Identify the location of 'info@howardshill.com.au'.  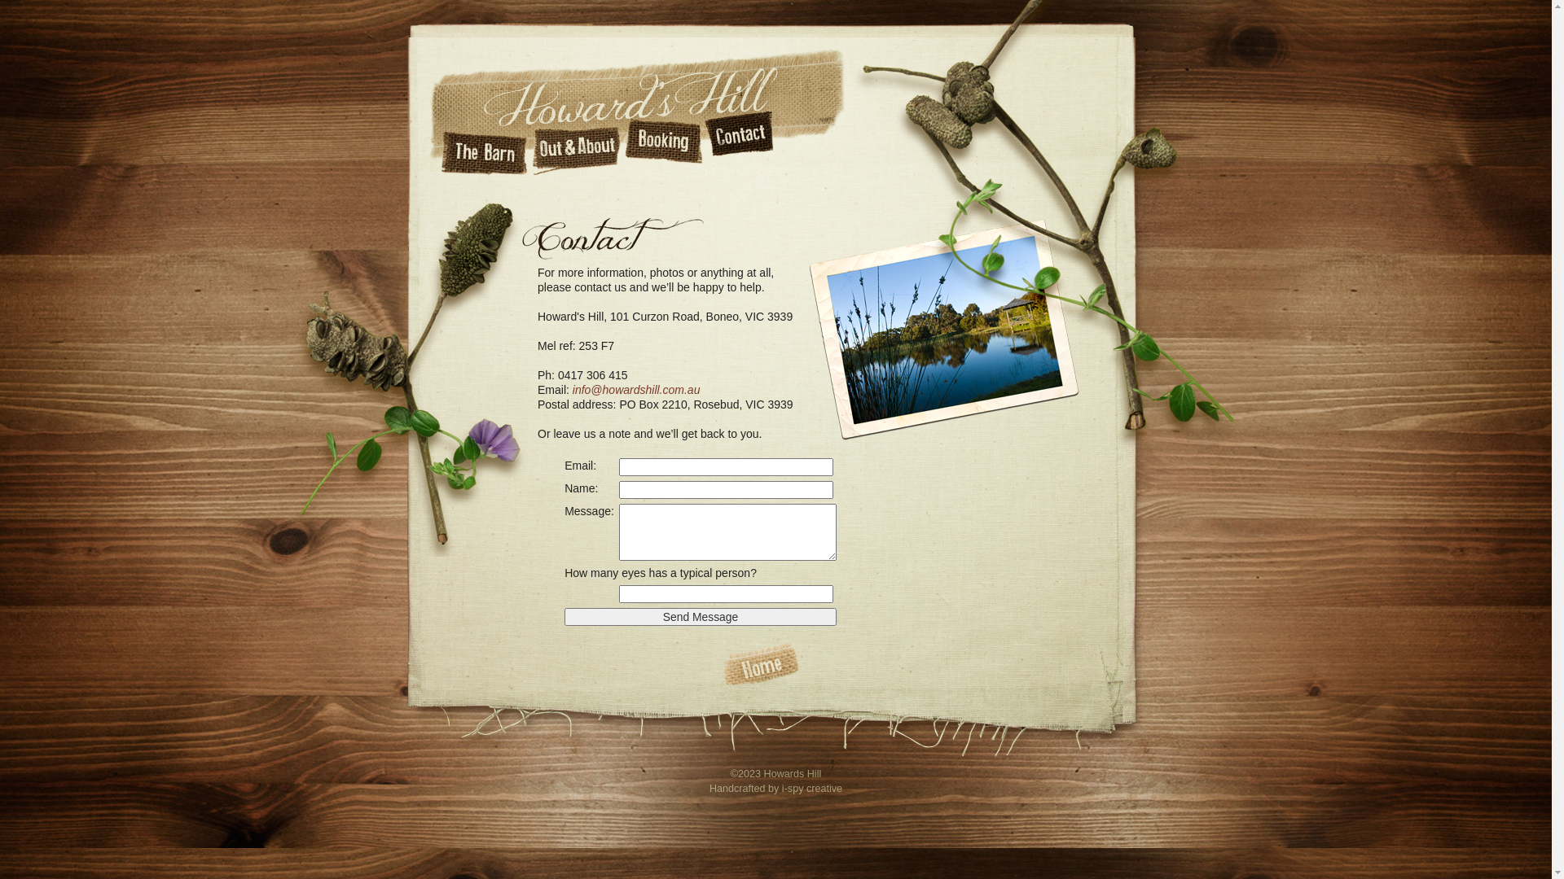
(635, 389).